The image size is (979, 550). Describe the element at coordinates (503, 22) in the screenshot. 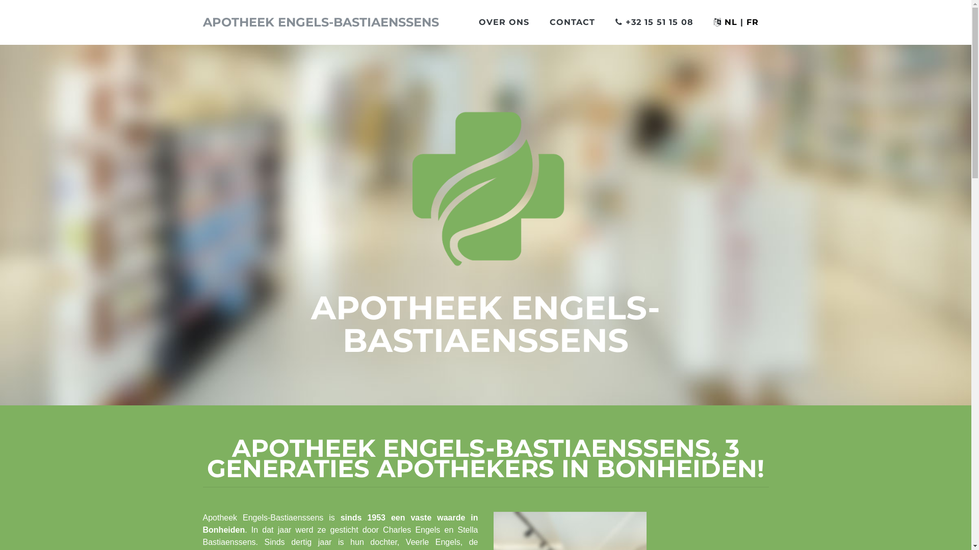

I see `'OVER ONS'` at that location.